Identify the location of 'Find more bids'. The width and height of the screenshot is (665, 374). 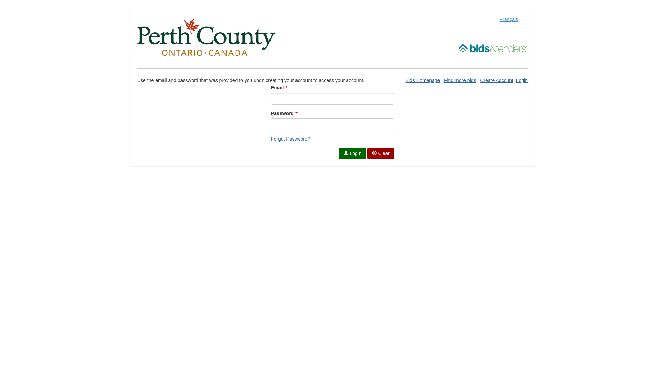
(460, 80).